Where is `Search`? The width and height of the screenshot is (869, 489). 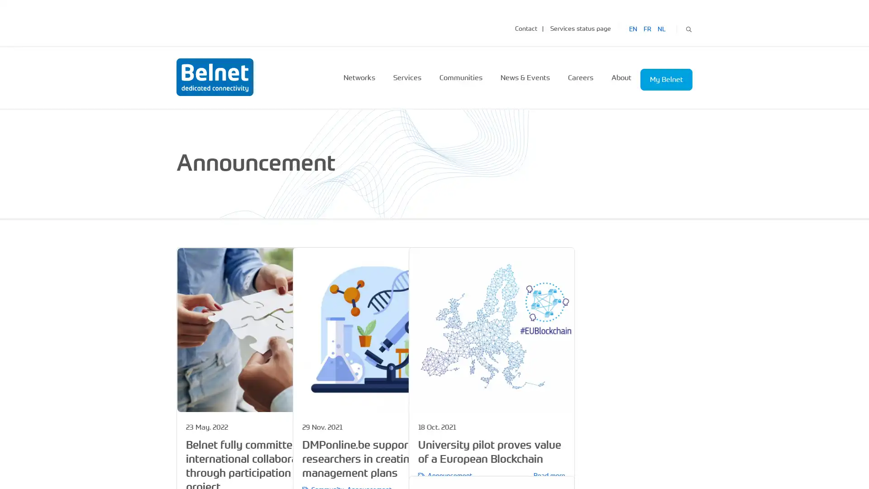
Search is located at coordinates (688, 28).